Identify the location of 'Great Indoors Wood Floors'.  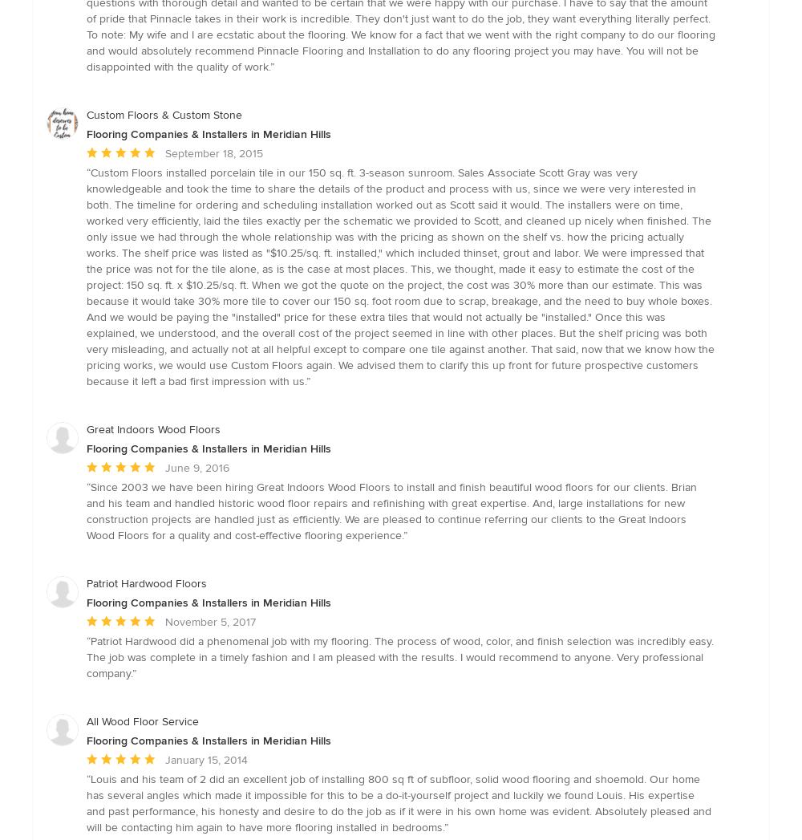
(152, 429).